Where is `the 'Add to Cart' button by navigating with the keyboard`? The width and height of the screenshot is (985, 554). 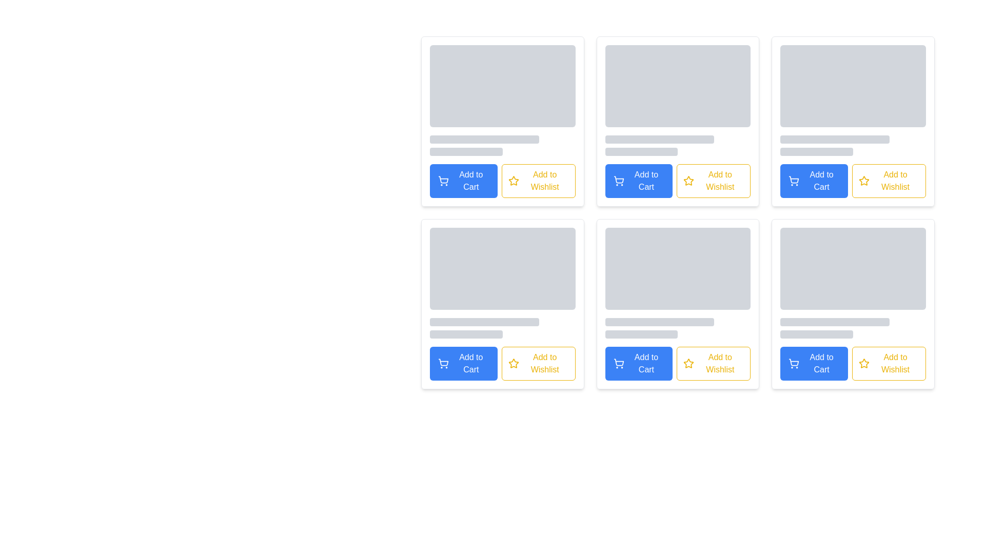
the 'Add to Cart' button by navigating with the keyboard is located at coordinates (793, 363).